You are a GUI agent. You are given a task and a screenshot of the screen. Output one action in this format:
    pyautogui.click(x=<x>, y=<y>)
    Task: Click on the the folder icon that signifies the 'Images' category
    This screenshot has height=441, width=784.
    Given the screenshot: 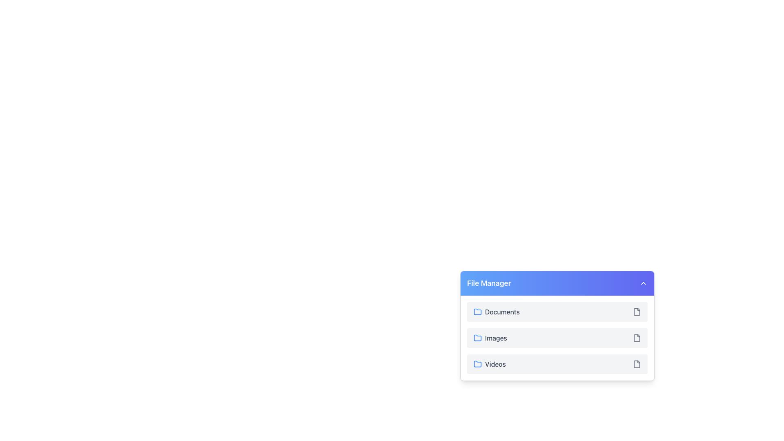 What is the action you would take?
    pyautogui.click(x=478, y=338)
    